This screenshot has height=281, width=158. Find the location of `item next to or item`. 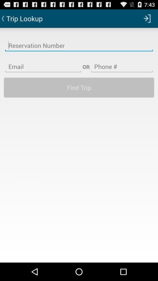

item next to or item is located at coordinates (43, 63).